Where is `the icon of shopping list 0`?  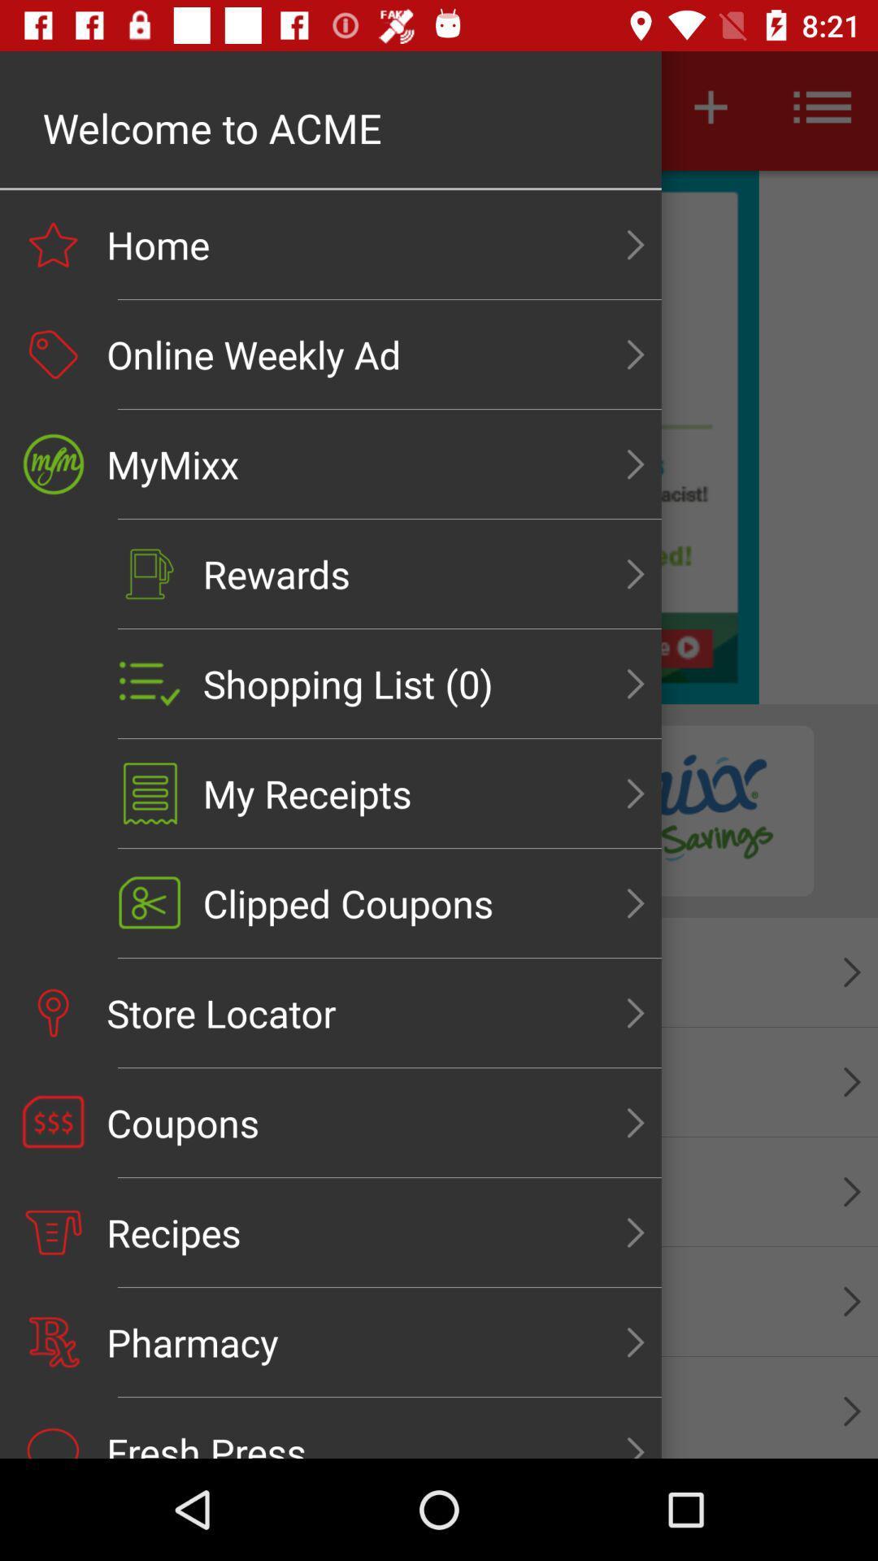 the icon of shopping list 0 is located at coordinates (150, 684).